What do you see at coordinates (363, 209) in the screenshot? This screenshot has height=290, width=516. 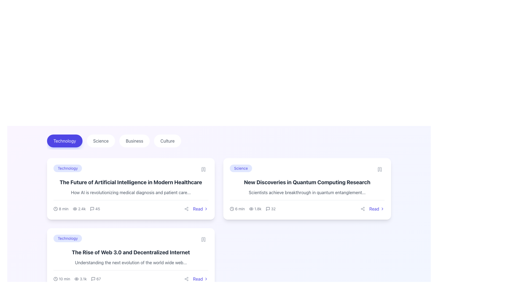 I see `the small circular share icon with a gray outline located to the left of the 'Read' text link in the bottom-right corner of the 'New Discoveries in Quantum Computing Research' card` at bounding box center [363, 209].